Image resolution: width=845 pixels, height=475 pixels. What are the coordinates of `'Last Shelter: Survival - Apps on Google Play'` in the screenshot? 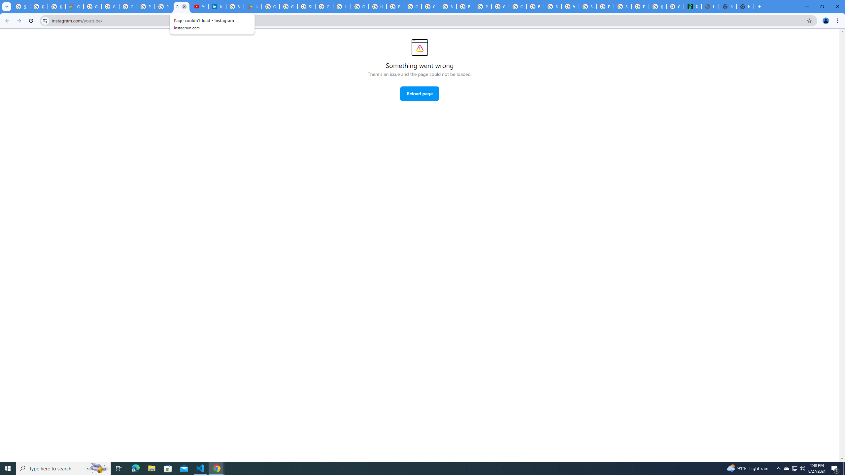 It's located at (253, 6).